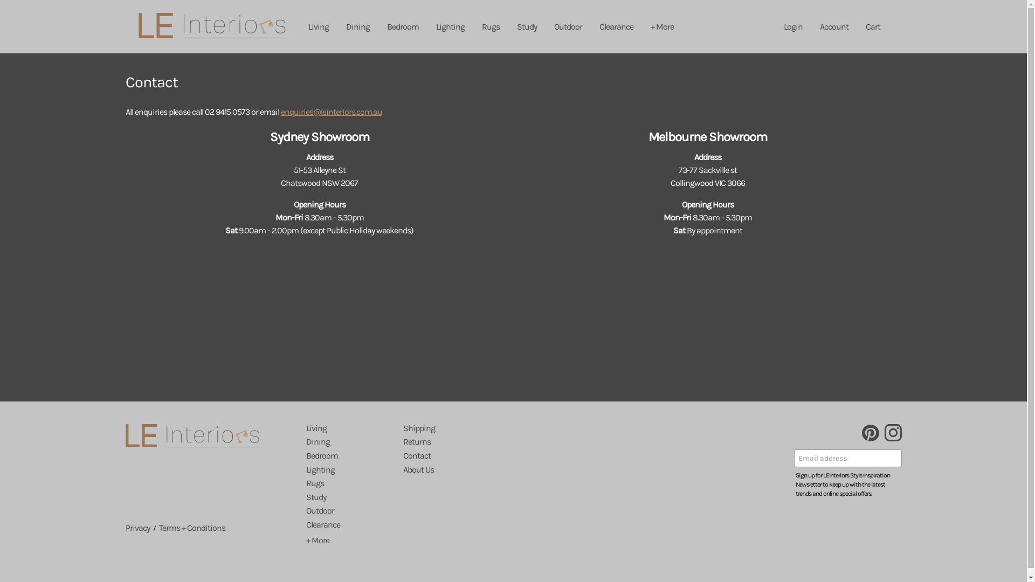  I want to click on 'Dining', so click(357, 26).